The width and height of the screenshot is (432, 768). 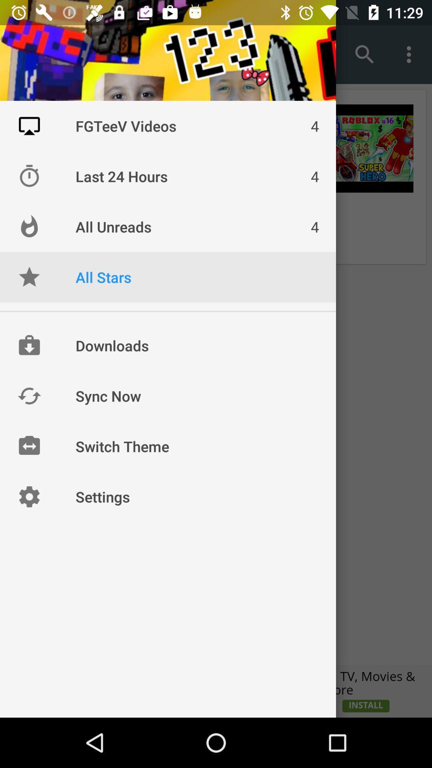 I want to click on the 1st icon present above the timer icon, so click(x=29, y=126).